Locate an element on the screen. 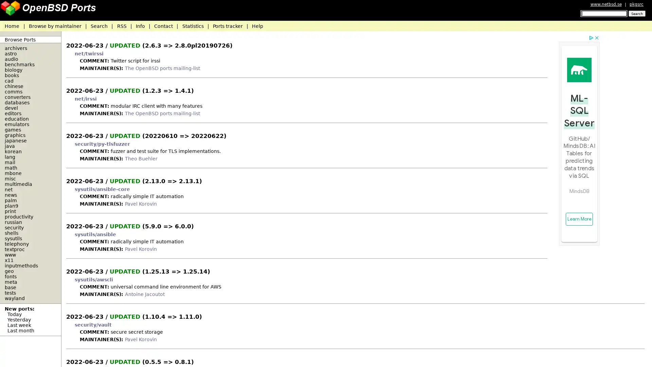 The height and width of the screenshot is (367, 652). Search is located at coordinates (636, 13).